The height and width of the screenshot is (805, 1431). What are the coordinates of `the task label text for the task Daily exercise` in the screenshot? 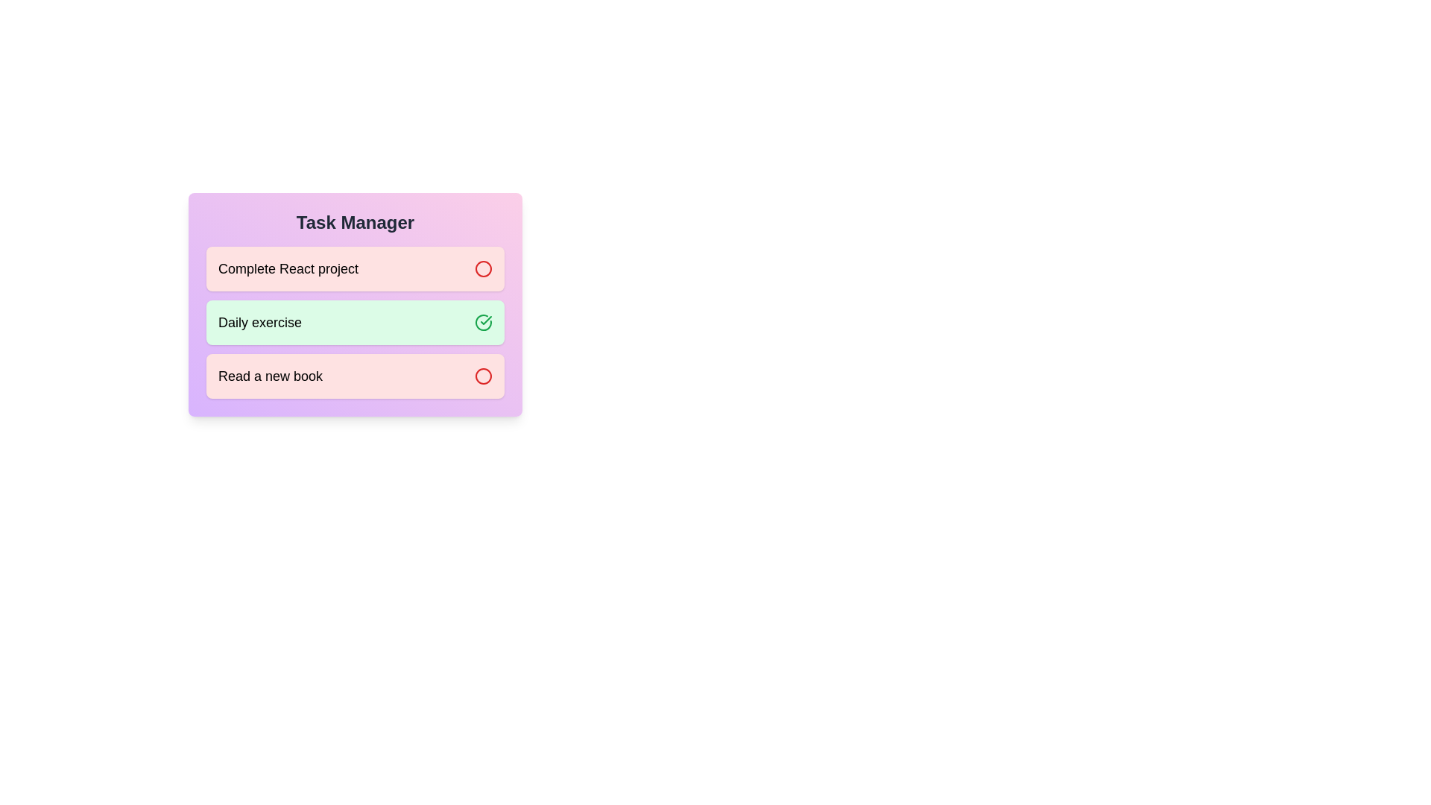 It's located at (260, 321).